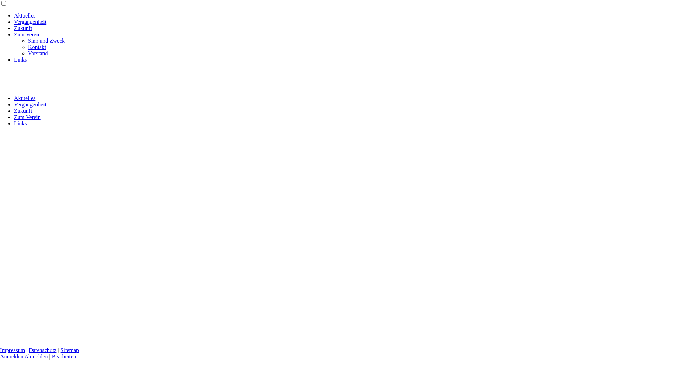  I want to click on 'Aktuelles', so click(25, 15).